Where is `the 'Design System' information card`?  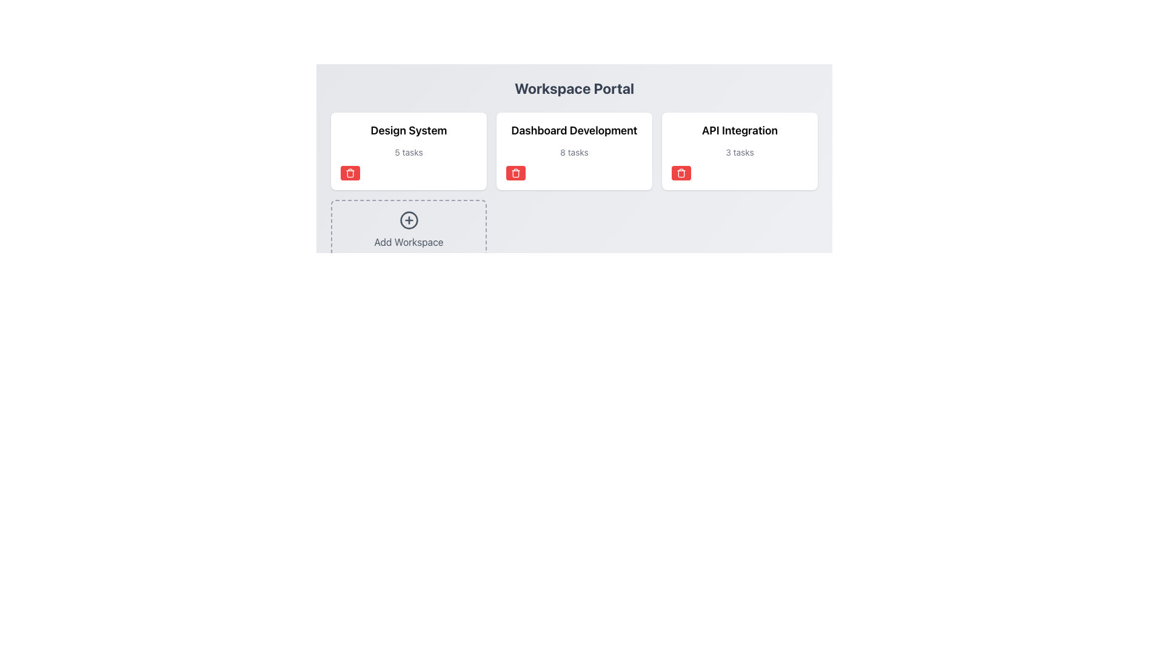 the 'Design System' information card is located at coordinates (409, 151).